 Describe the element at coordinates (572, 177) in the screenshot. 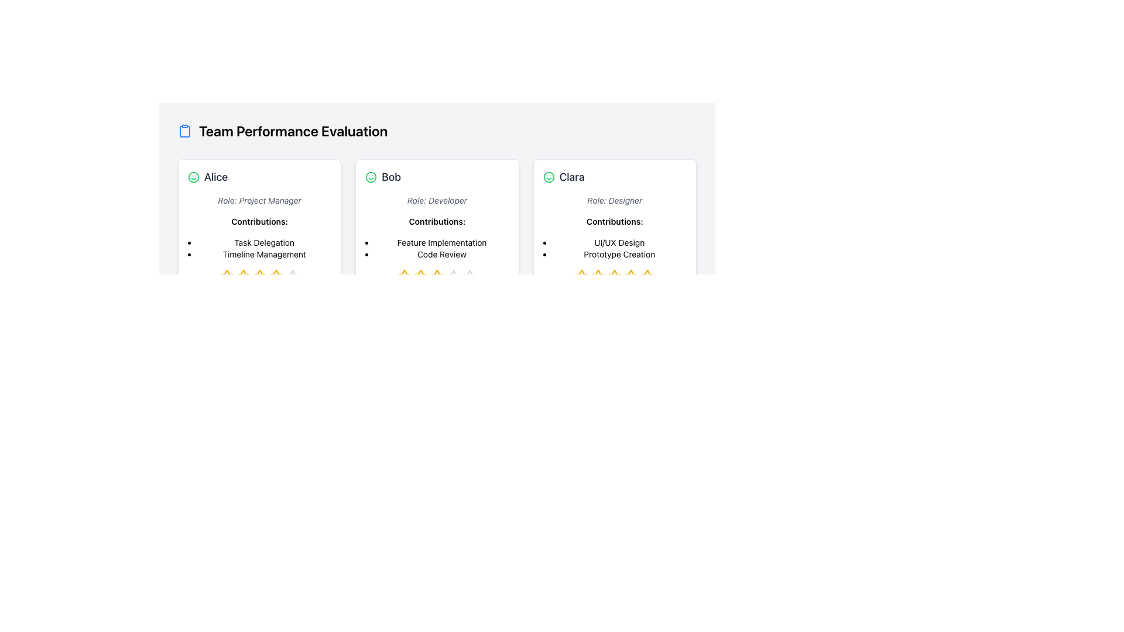

I see `the text label representing the name 'Clara' which is the identifier for the third card from the left in a row of three cards` at that location.